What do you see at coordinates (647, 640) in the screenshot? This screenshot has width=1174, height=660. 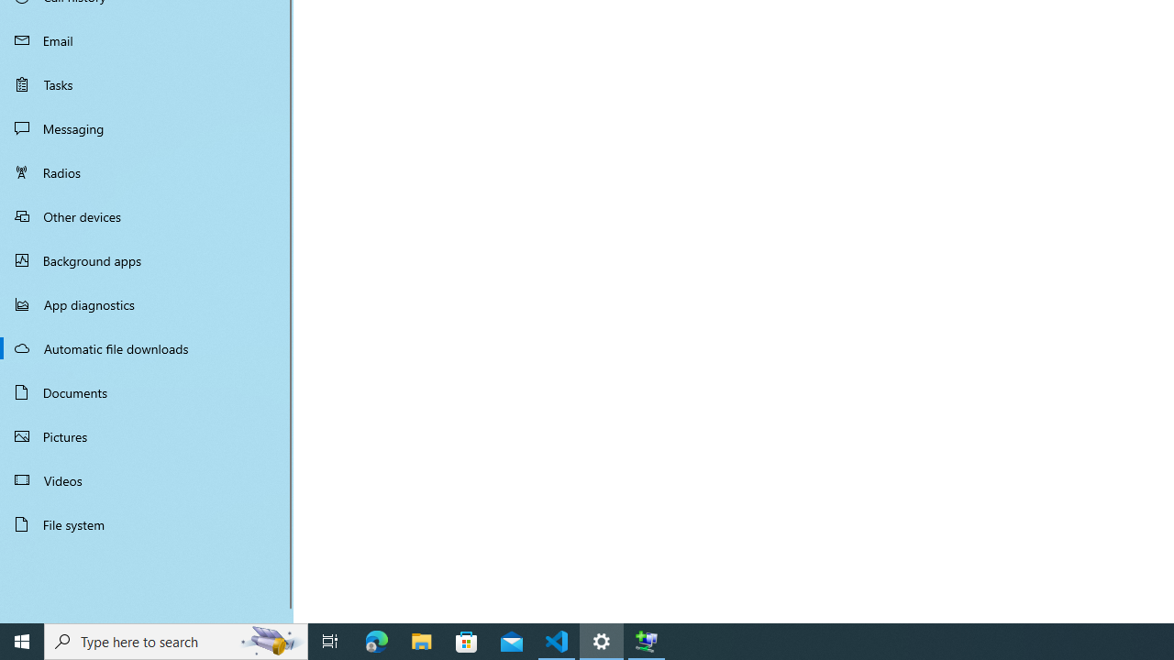 I see `'Extensible Wizards Host Process - 1 running window'` at bounding box center [647, 640].